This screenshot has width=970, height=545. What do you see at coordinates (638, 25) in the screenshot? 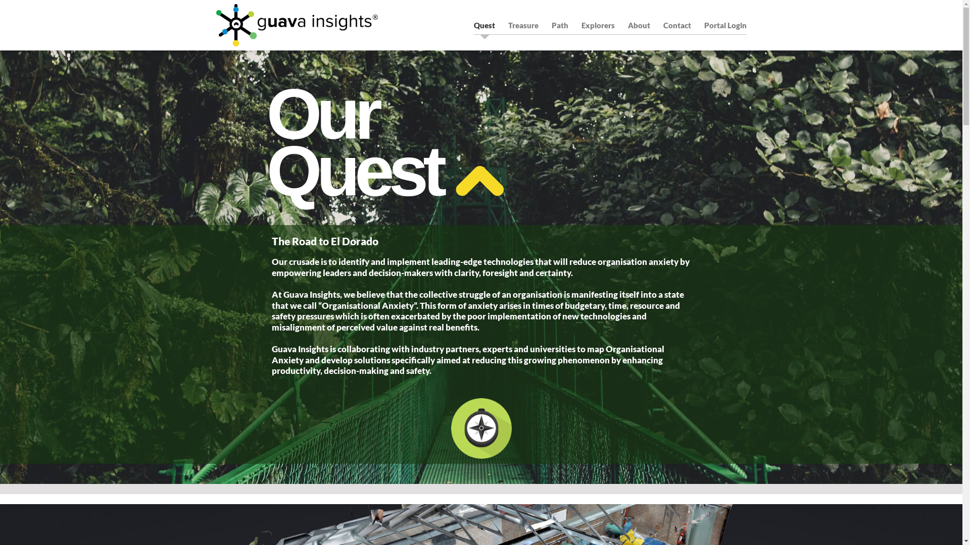
I see `'About'` at bounding box center [638, 25].